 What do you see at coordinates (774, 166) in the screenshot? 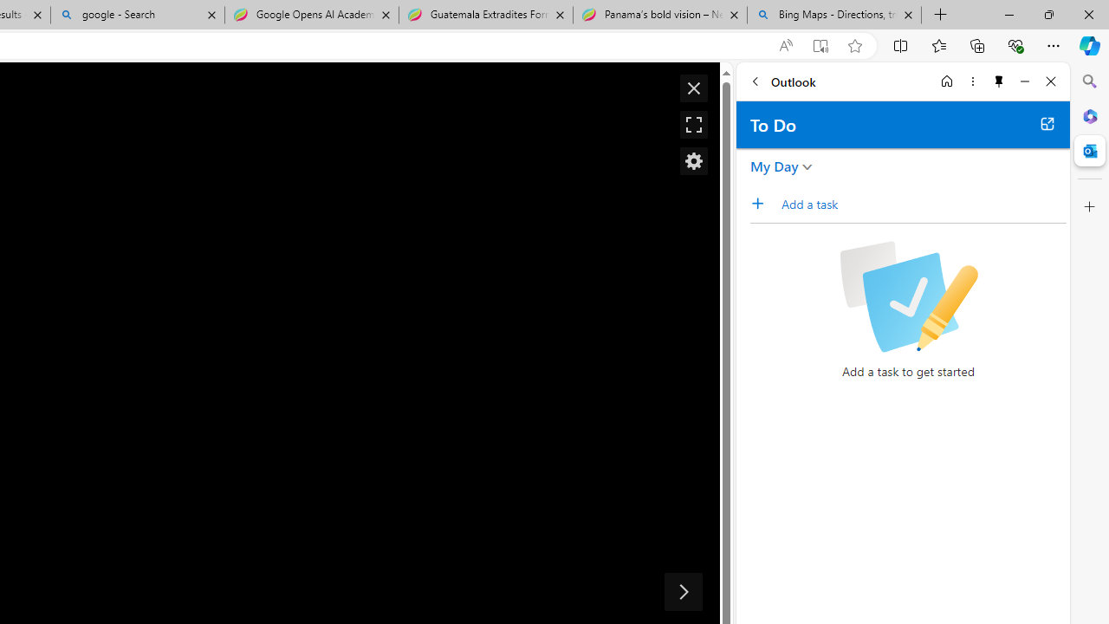
I see `'My Day'` at bounding box center [774, 166].